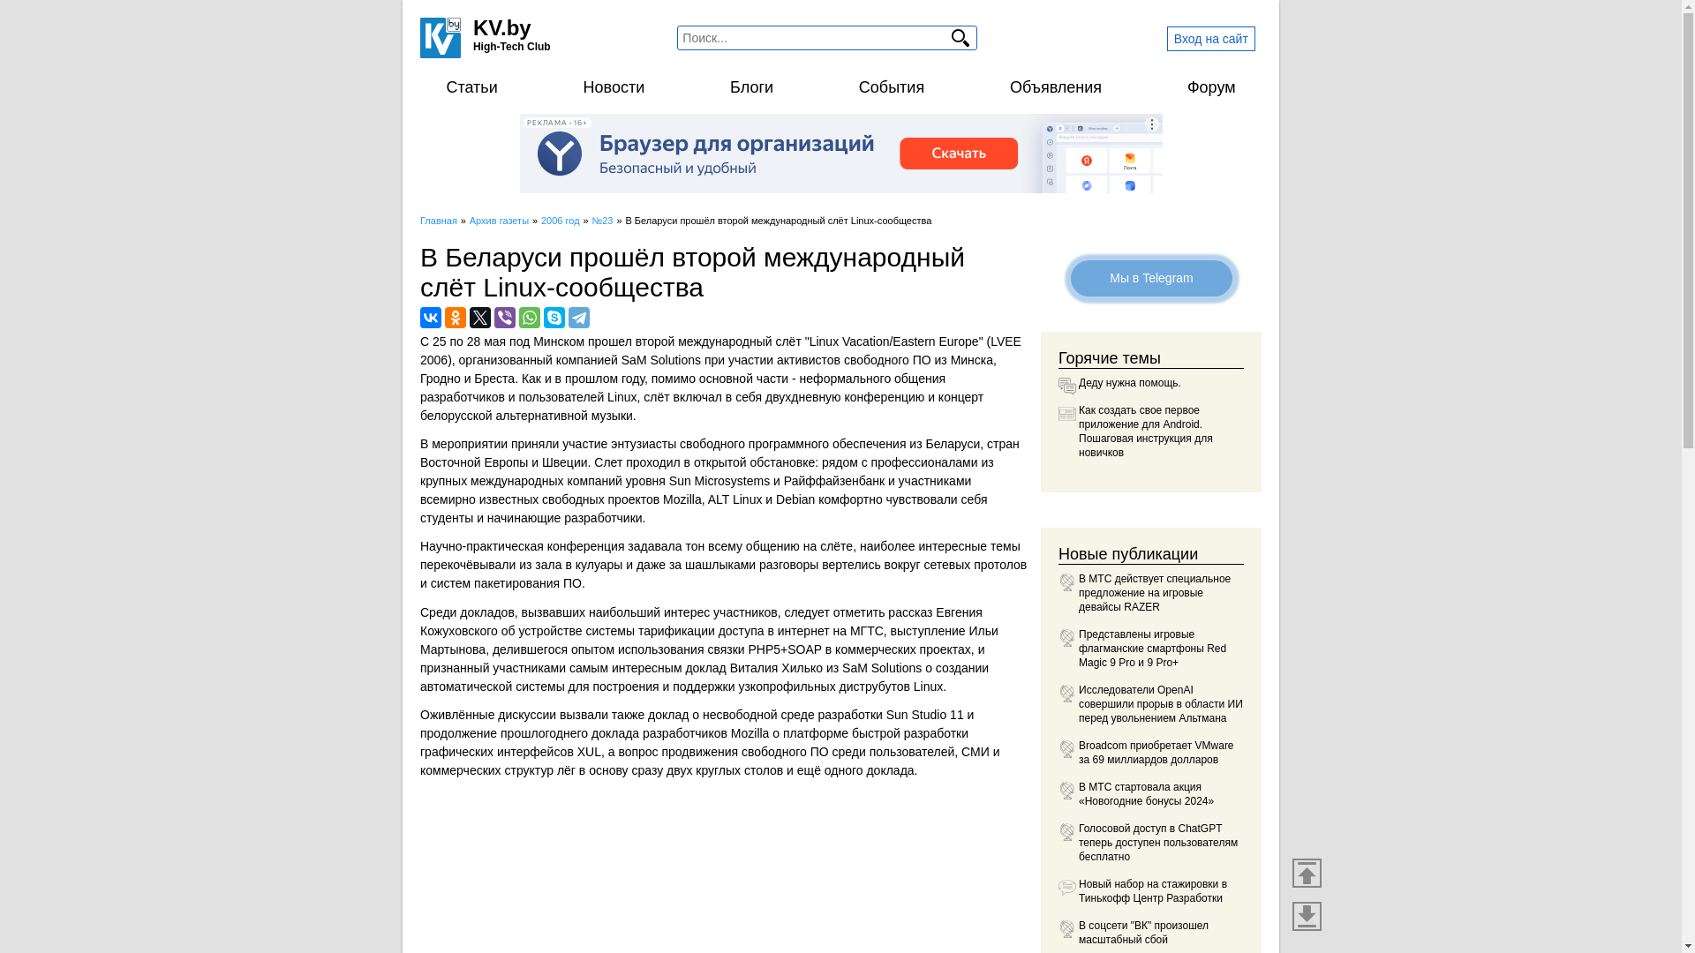 This screenshot has width=1695, height=953. Describe the element at coordinates (473, 27) in the screenshot. I see `'KV.by'` at that location.